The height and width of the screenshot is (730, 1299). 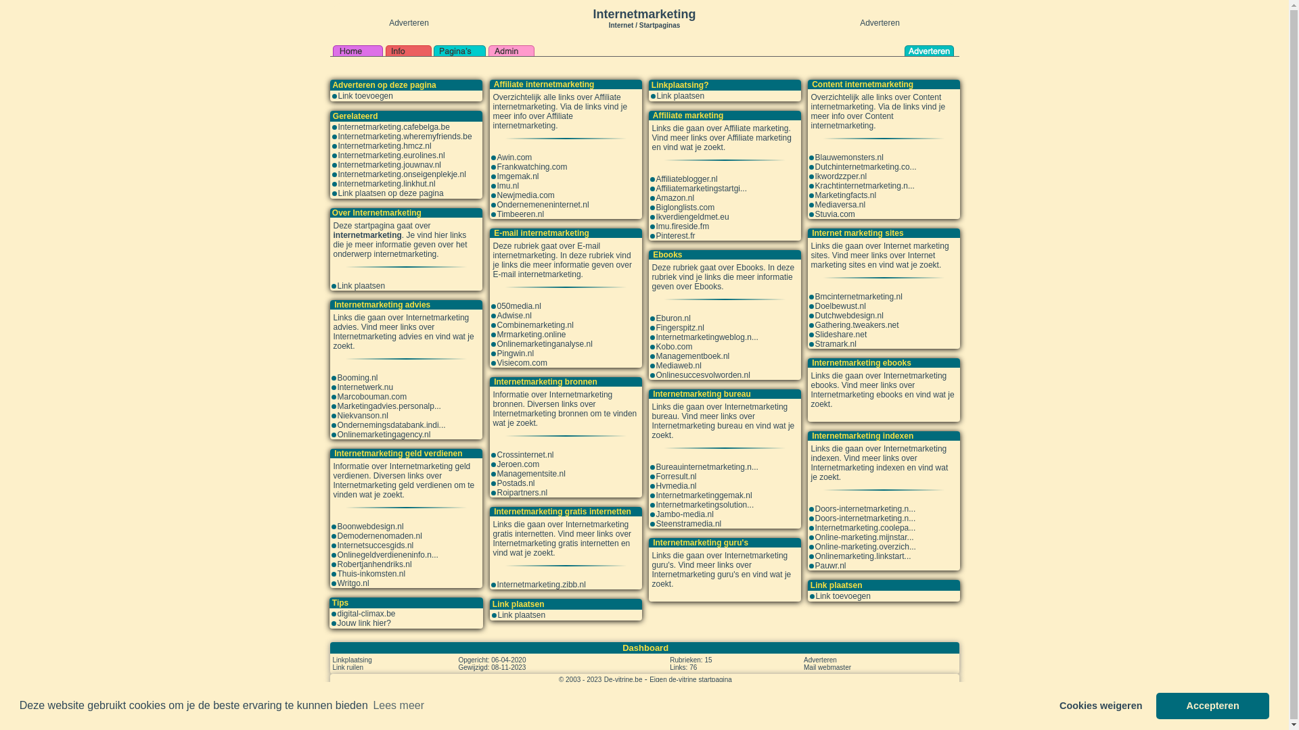 What do you see at coordinates (337, 395) in the screenshot?
I see `'Marcobouman.com'` at bounding box center [337, 395].